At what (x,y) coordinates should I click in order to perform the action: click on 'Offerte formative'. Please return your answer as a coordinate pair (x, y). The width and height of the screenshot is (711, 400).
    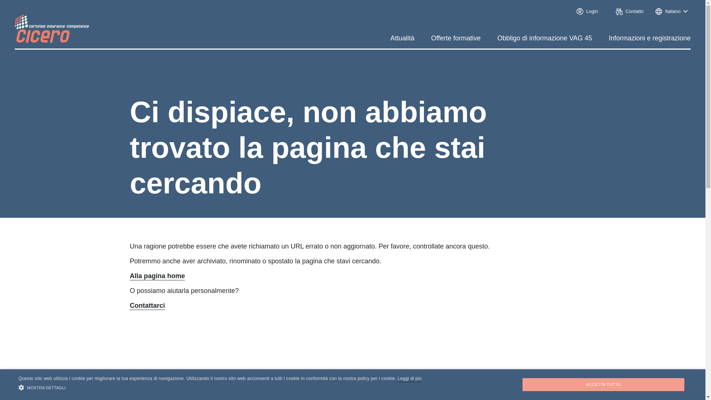
    Looking at the image, I should click on (455, 38).